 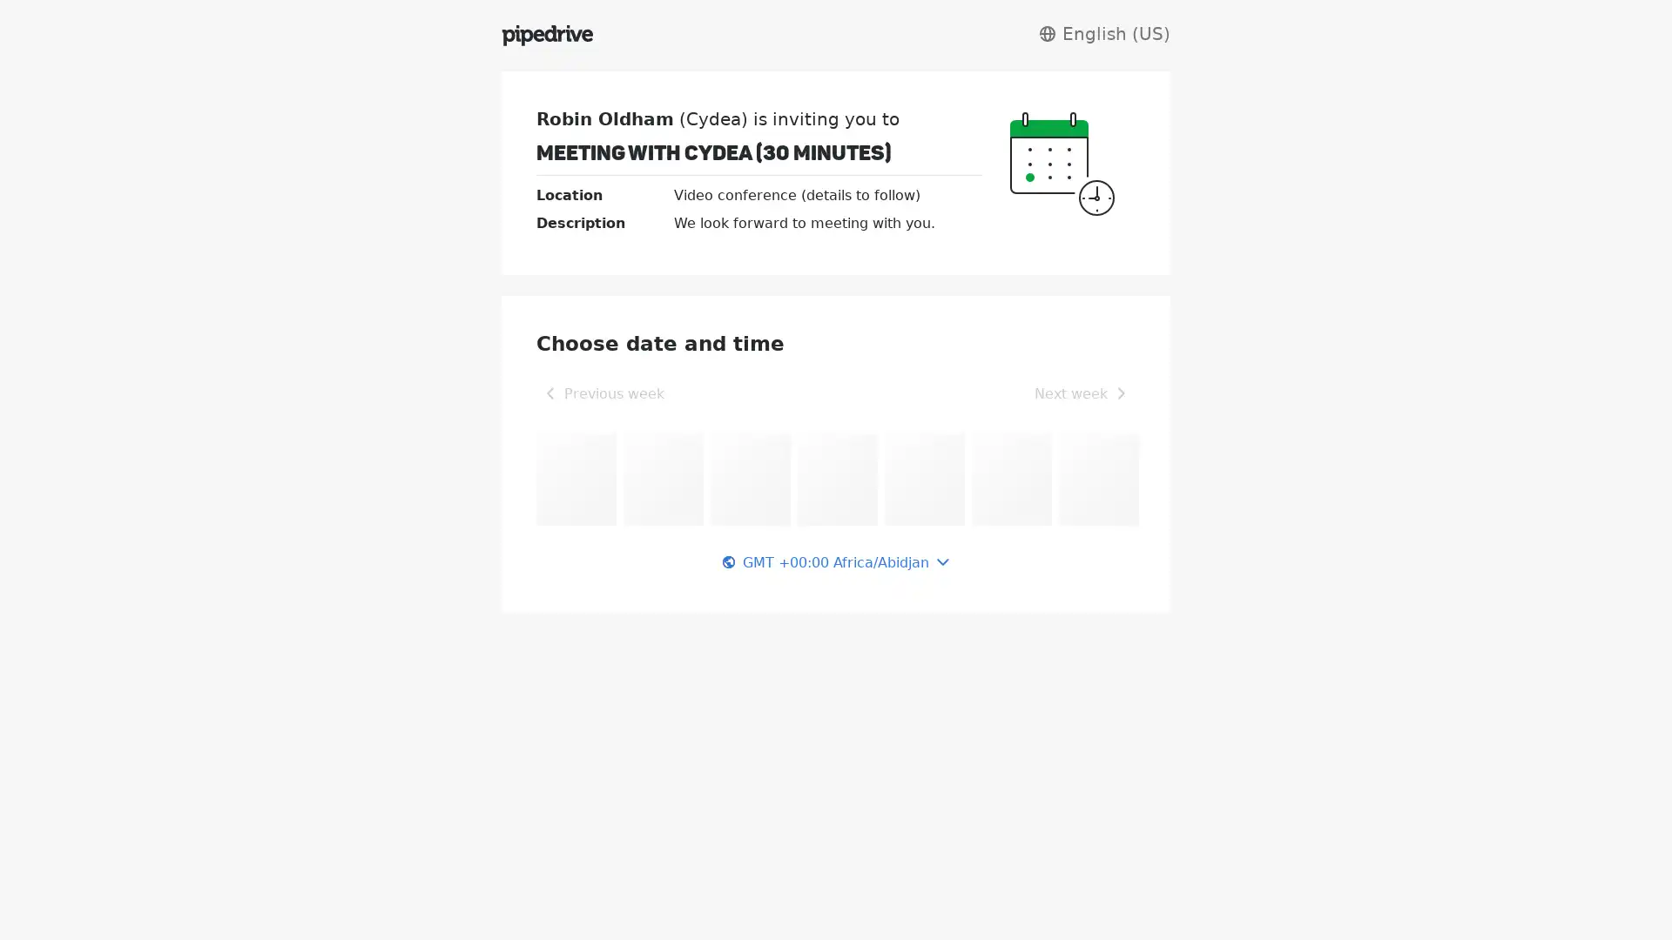 I want to click on Previous week, so click(x=603, y=393).